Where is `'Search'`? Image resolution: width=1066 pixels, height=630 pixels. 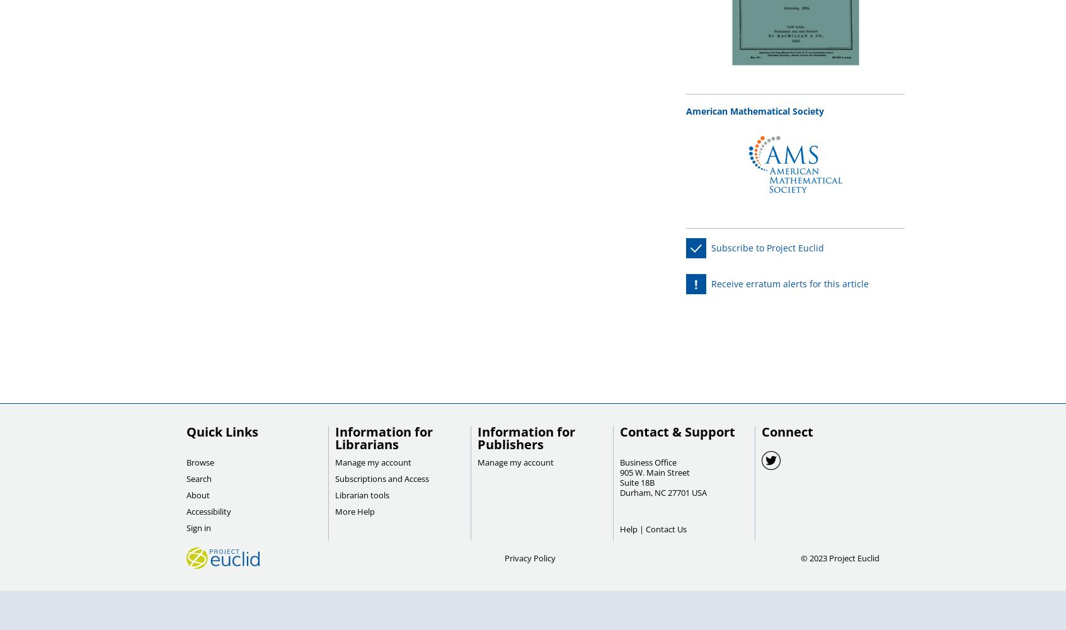
'Search' is located at coordinates (198, 479).